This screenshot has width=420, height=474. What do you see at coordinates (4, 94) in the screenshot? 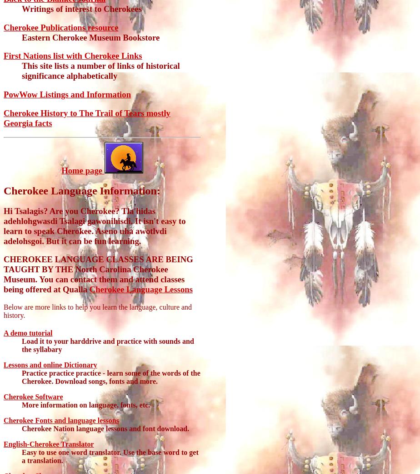
I see `'PowWow Listings and Information'` at bounding box center [4, 94].